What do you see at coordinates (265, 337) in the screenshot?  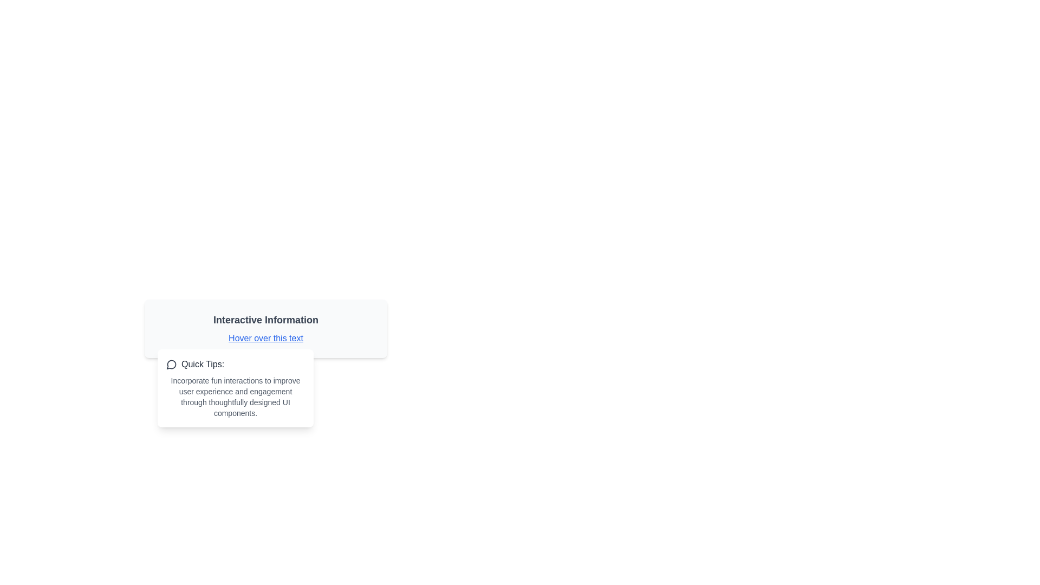 I see `the blue, underlined text link that says 'Hover over this text', which is located below the header 'Interactive Information' and above the tips box, if it is clickable` at bounding box center [265, 337].